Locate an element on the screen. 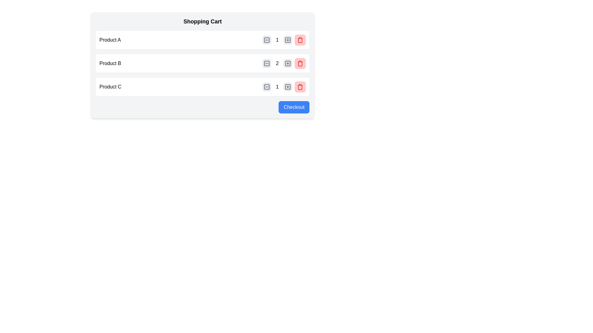  the decorative rectangle within the plus icon in the shopping cart that is styled in a subtle gray color, positioned adjacent to the quantity number for the second product is located at coordinates (287, 40).